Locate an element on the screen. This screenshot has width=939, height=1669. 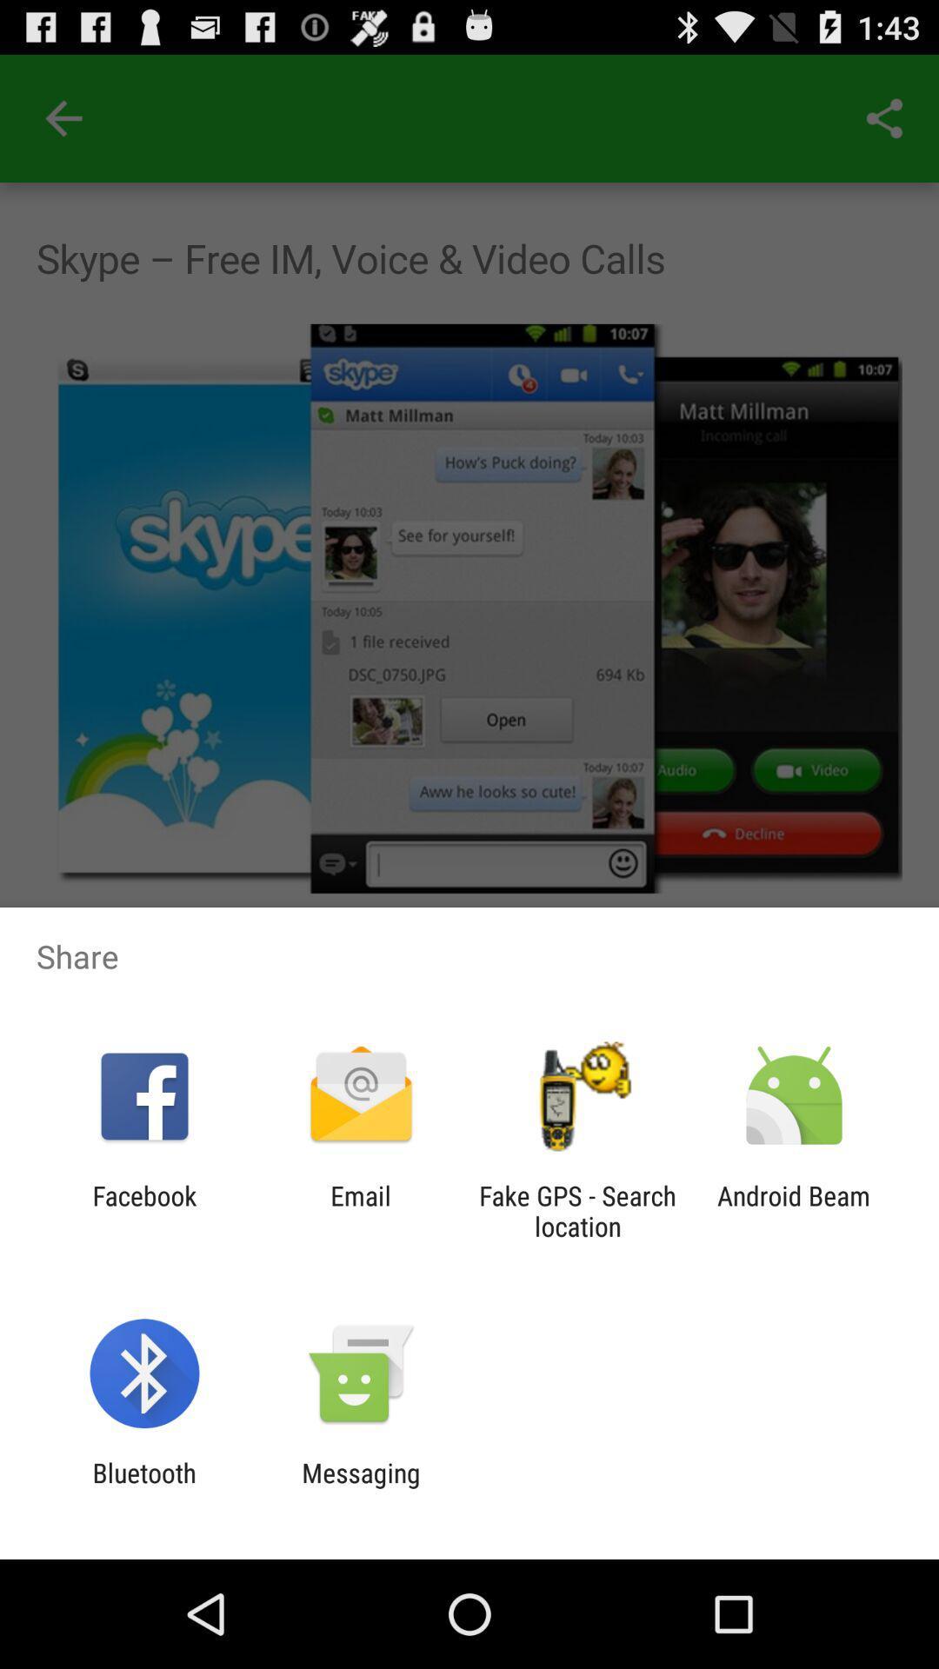
icon next to fake gps search app is located at coordinates (360, 1210).